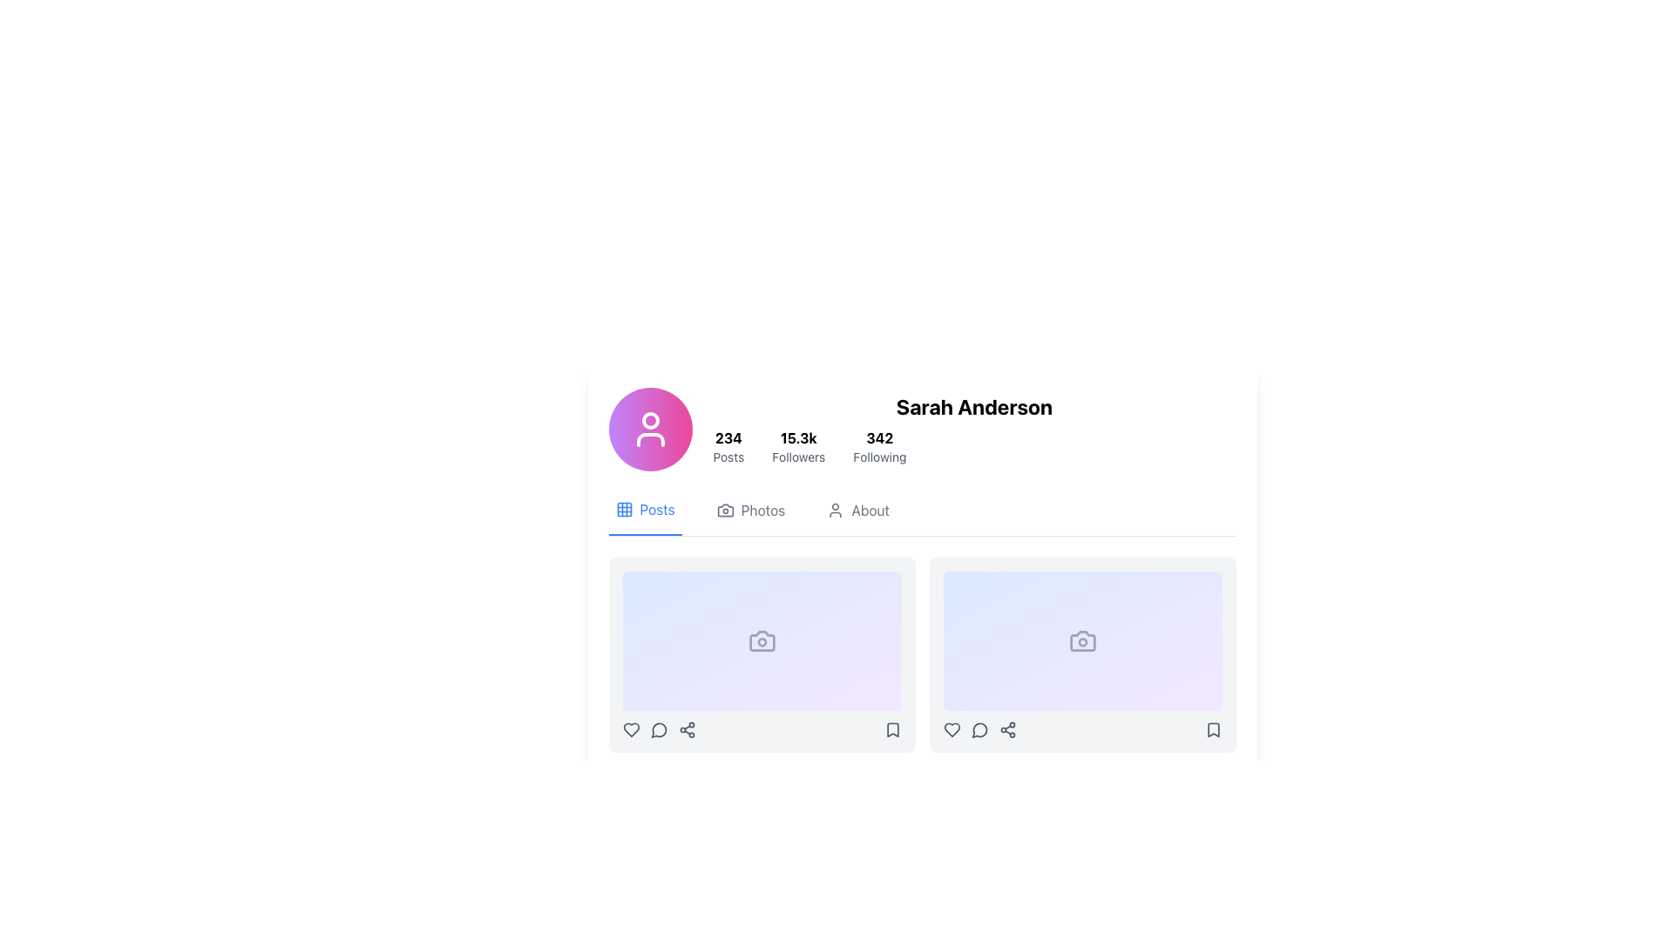  What do you see at coordinates (649, 430) in the screenshot?
I see `the user's profile avatar icon located in the upper left section of the interface` at bounding box center [649, 430].